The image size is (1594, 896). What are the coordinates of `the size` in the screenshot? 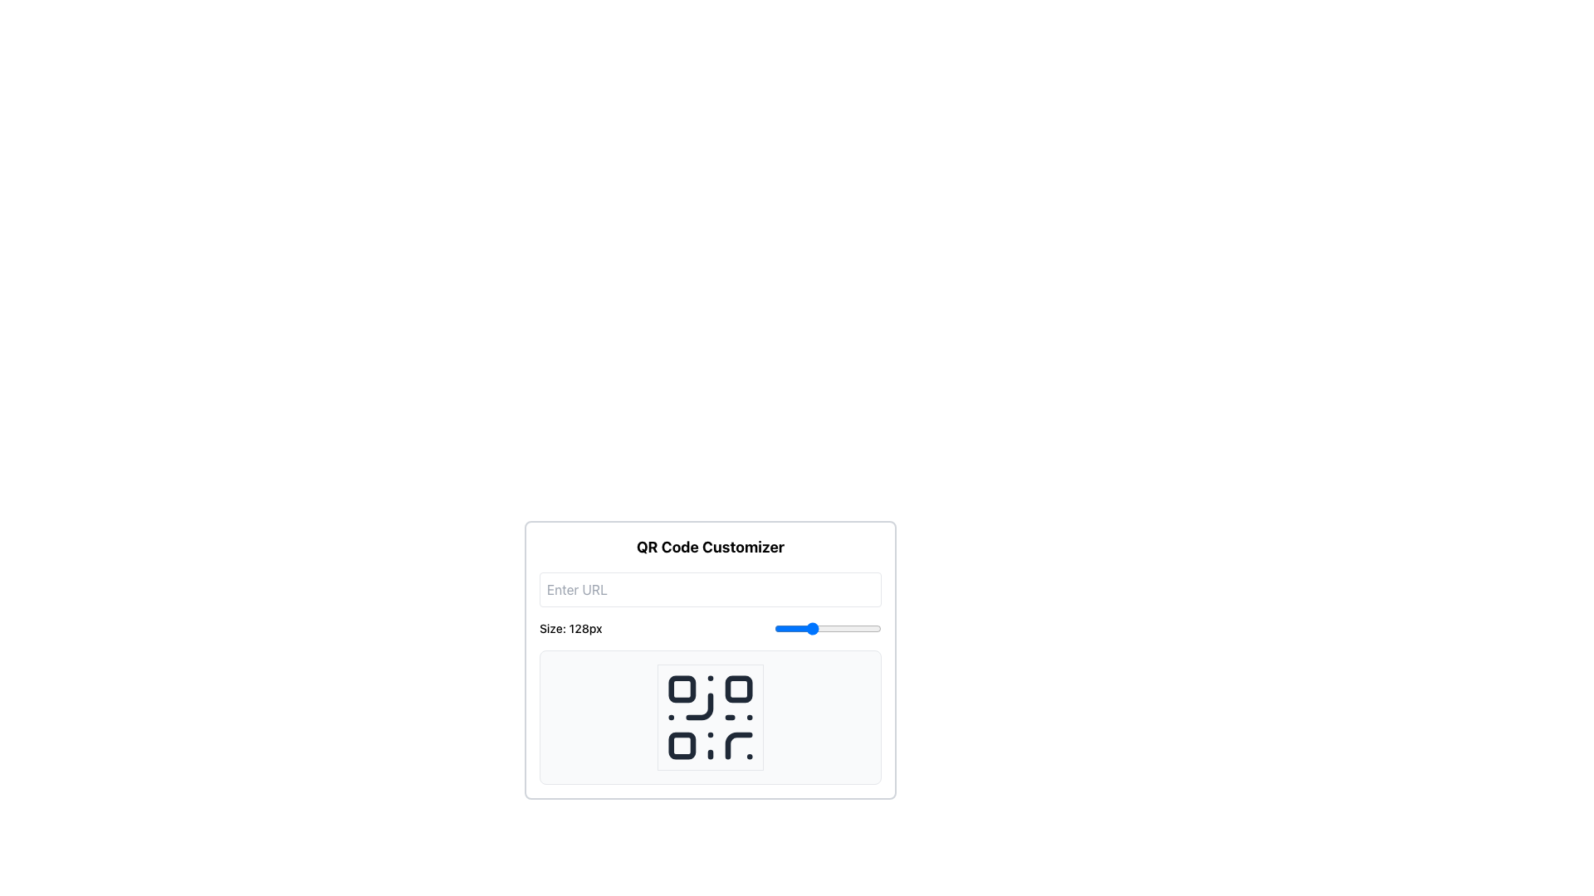 It's located at (864, 629).